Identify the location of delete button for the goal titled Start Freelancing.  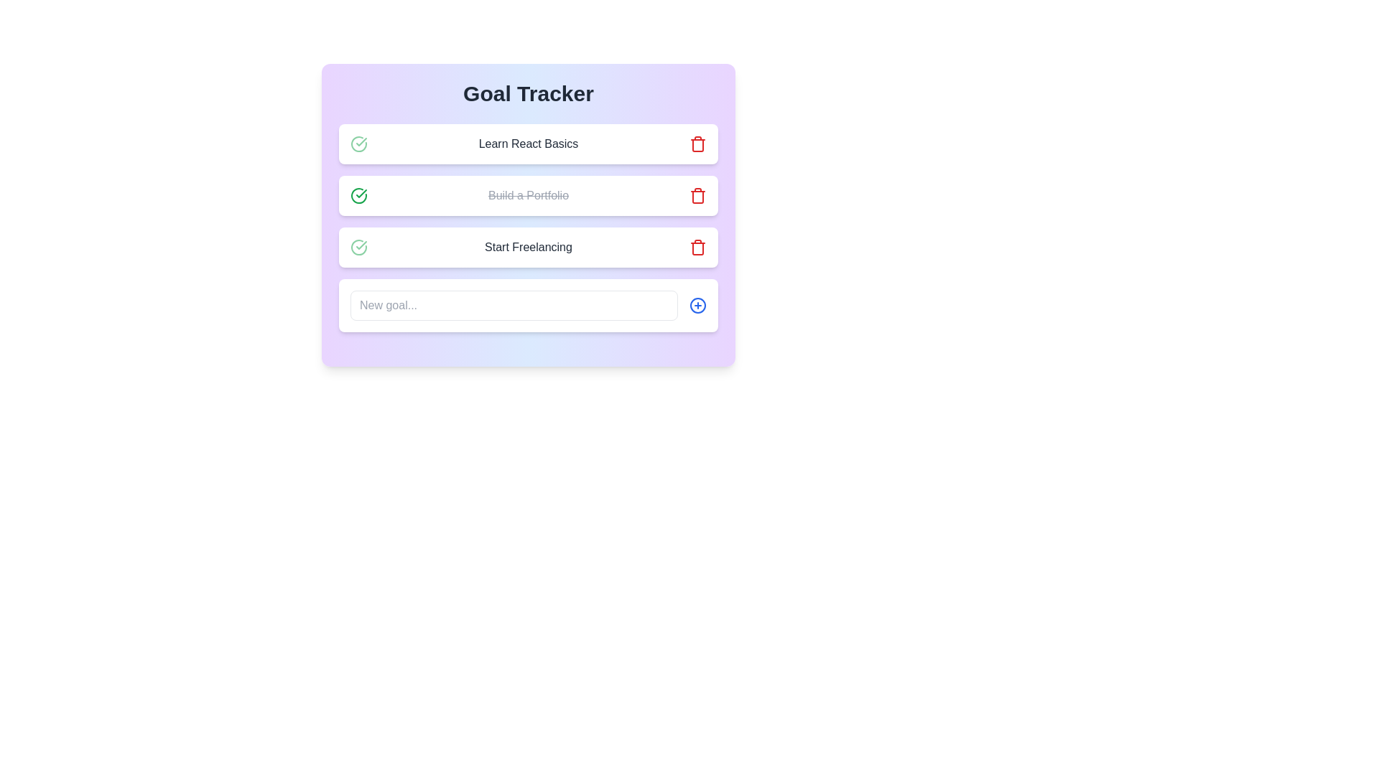
(697, 246).